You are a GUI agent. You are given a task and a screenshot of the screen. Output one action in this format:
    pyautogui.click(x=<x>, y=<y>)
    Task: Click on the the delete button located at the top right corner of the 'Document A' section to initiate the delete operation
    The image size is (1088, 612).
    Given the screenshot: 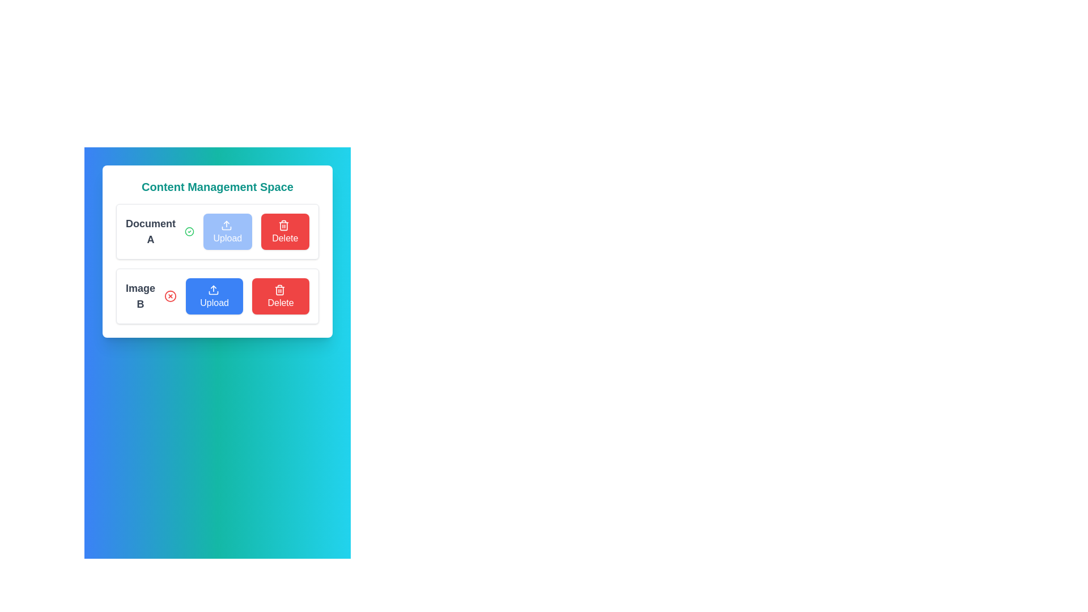 What is the action you would take?
    pyautogui.click(x=285, y=231)
    